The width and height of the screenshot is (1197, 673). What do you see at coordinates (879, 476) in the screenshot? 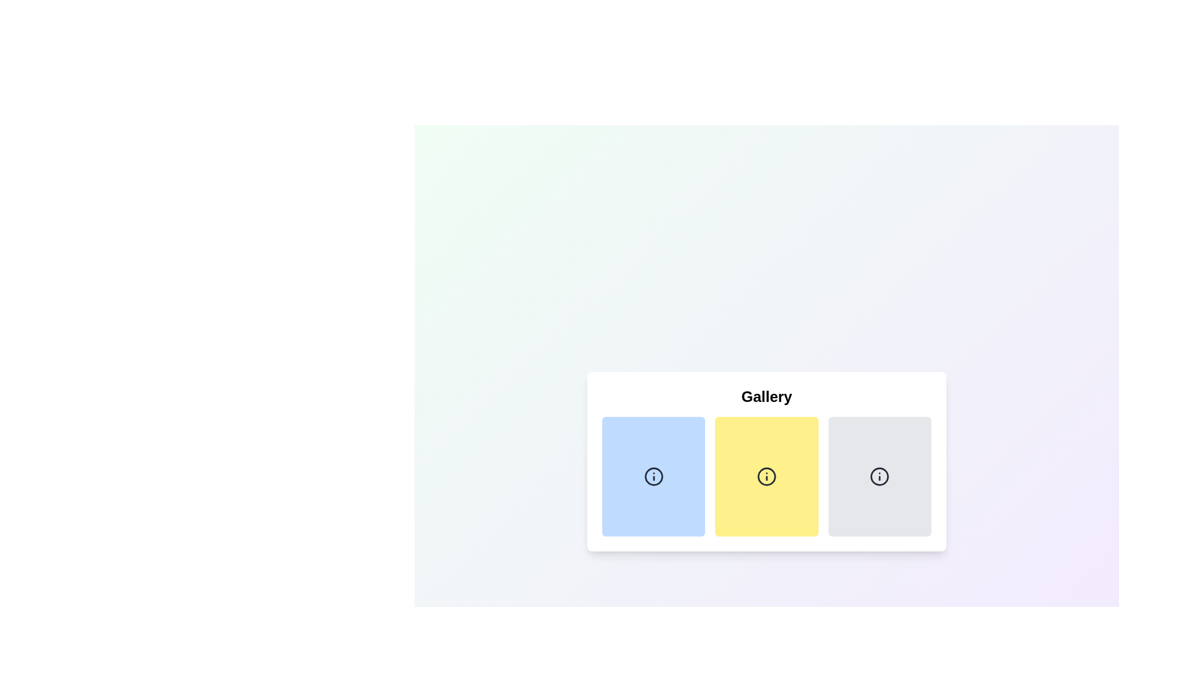
I see `the Information Icon located in the central position of the third box in a horizontally aligned triplet` at bounding box center [879, 476].